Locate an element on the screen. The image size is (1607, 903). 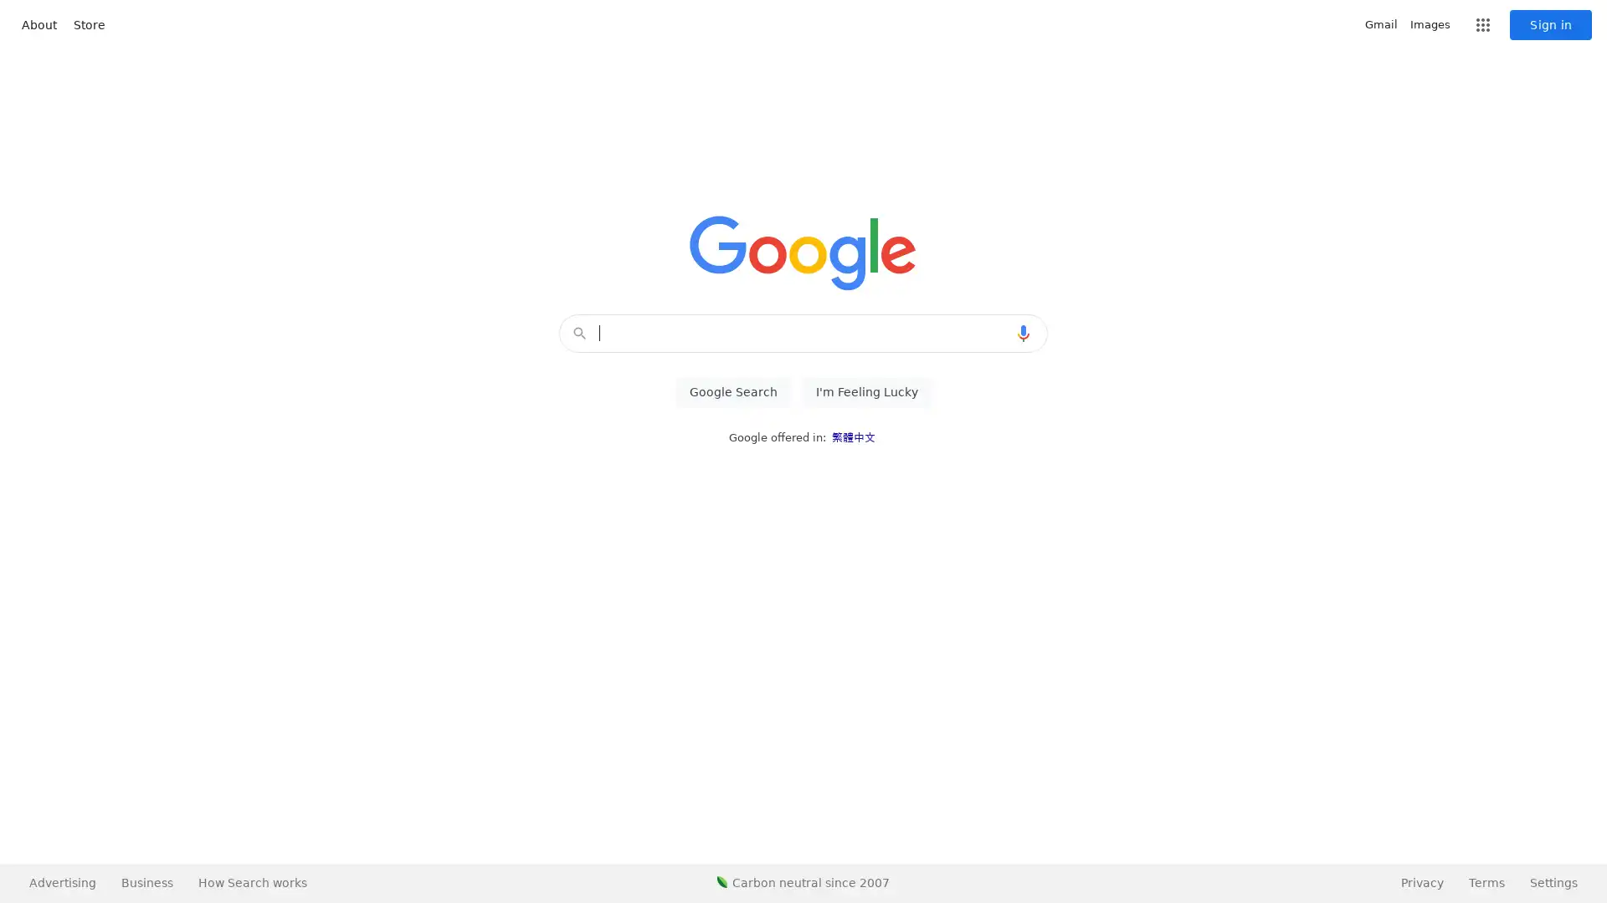
Google apps is located at coordinates (1482, 25).